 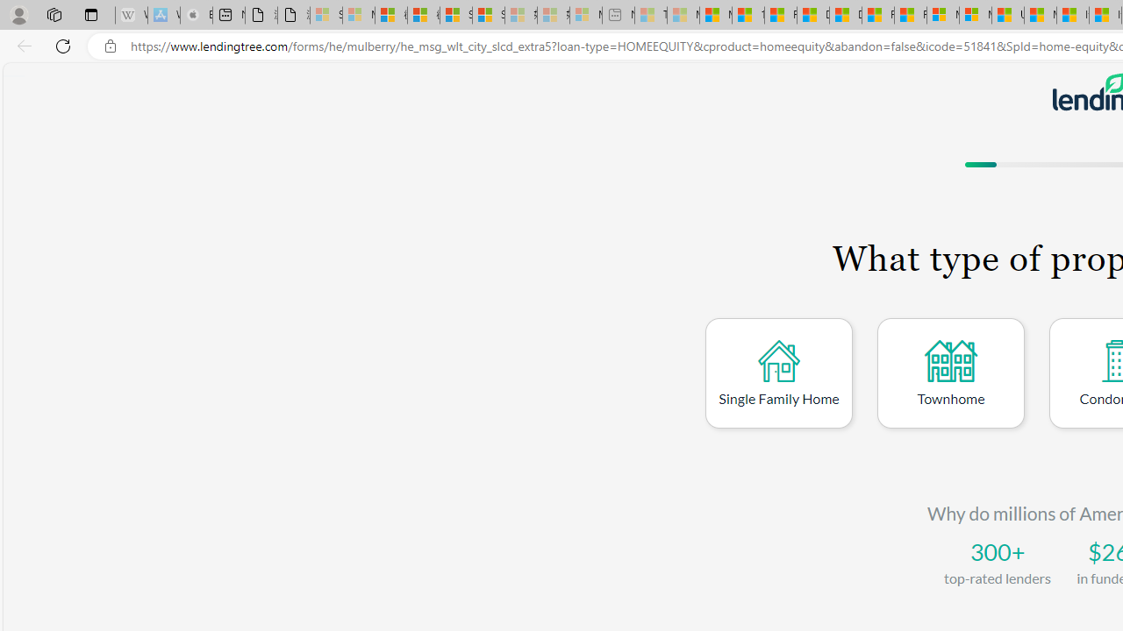 I want to click on 'US Heat Deaths Soared To Record High Last Year', so click(x=1008, y=15).